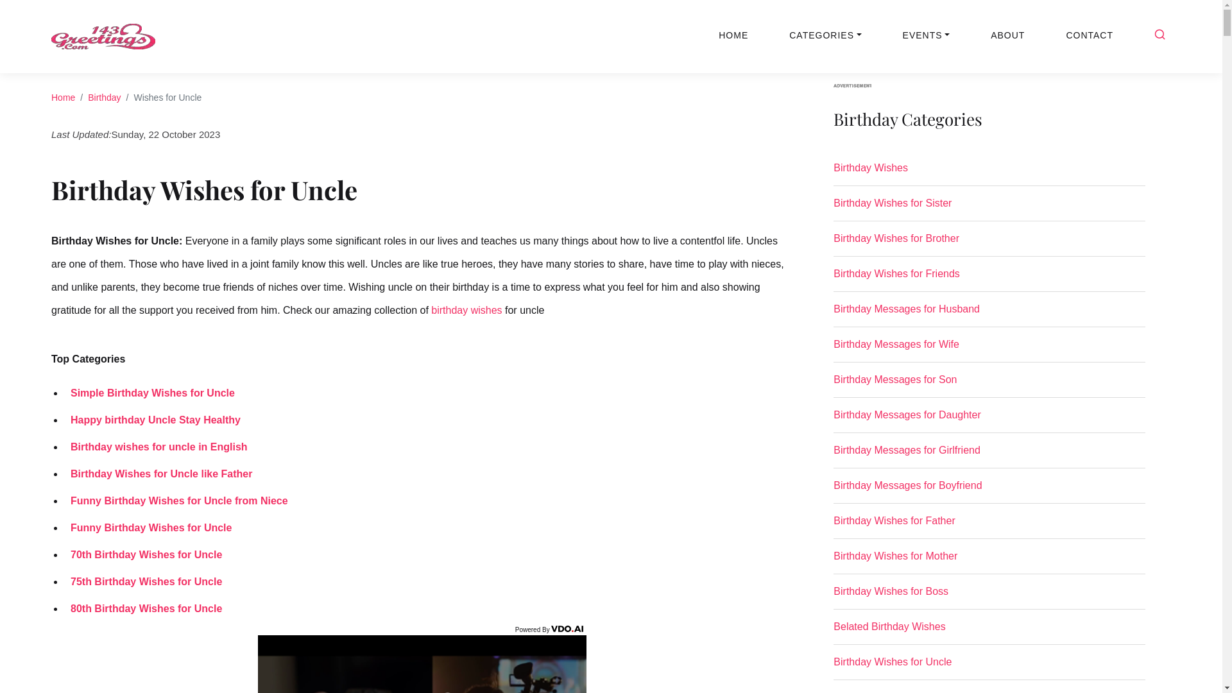 This screenshot has height=693, width=1232. I want to click on '70th Birthday Wishes for Uncle', so click(142, 554).